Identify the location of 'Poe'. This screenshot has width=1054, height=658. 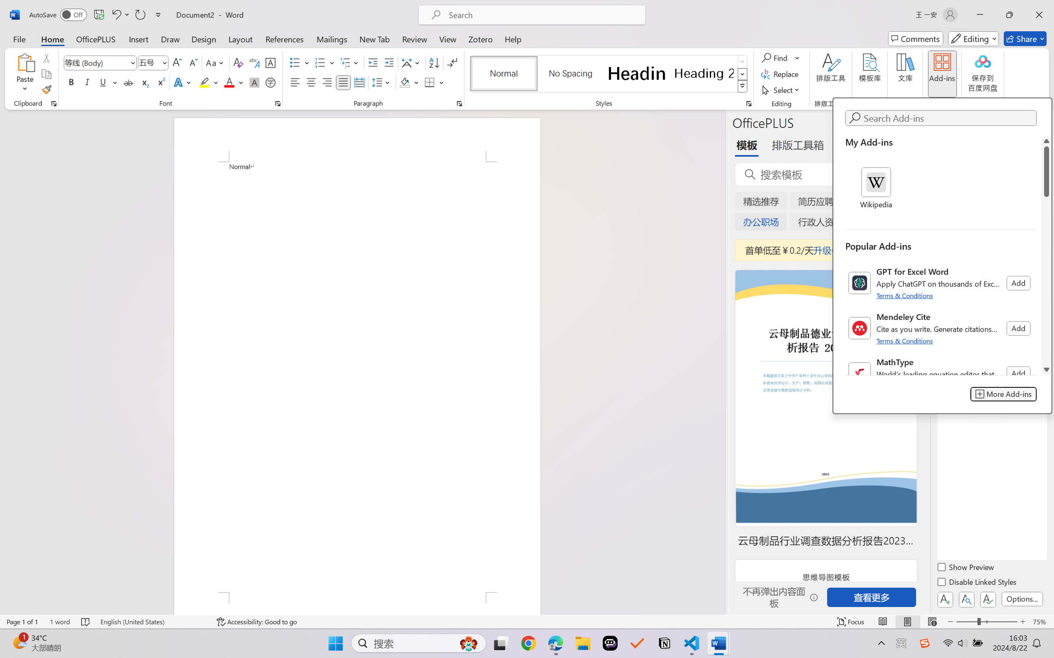
(610, 643).